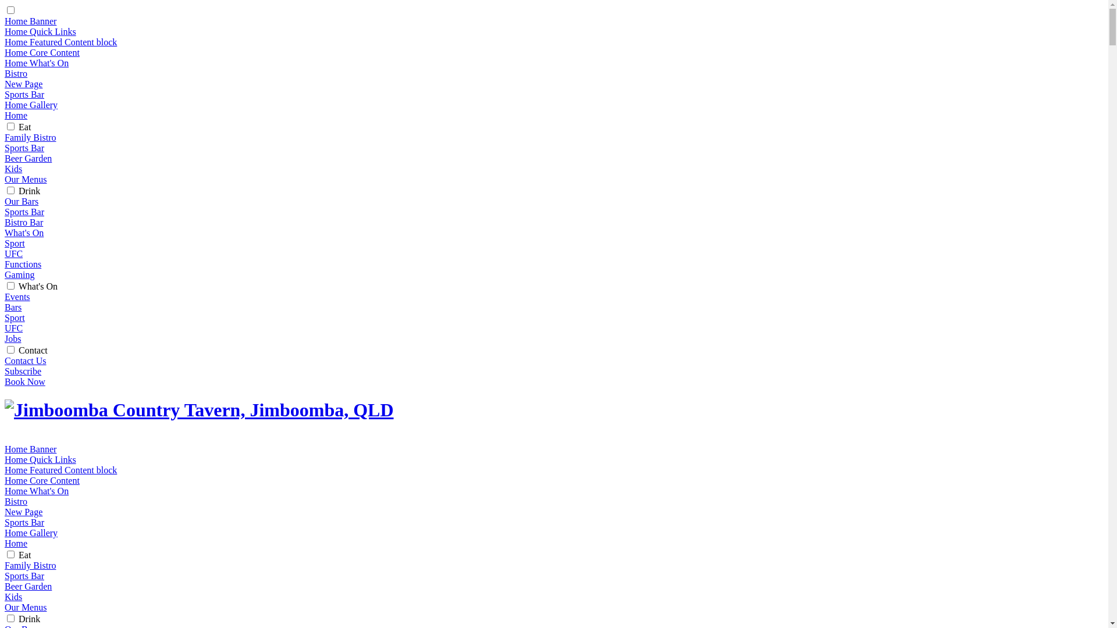  What do you see at coordinates (28, 158) in the screenshot?
I see `'Beer Garden'` at bounding box center [28, 158].